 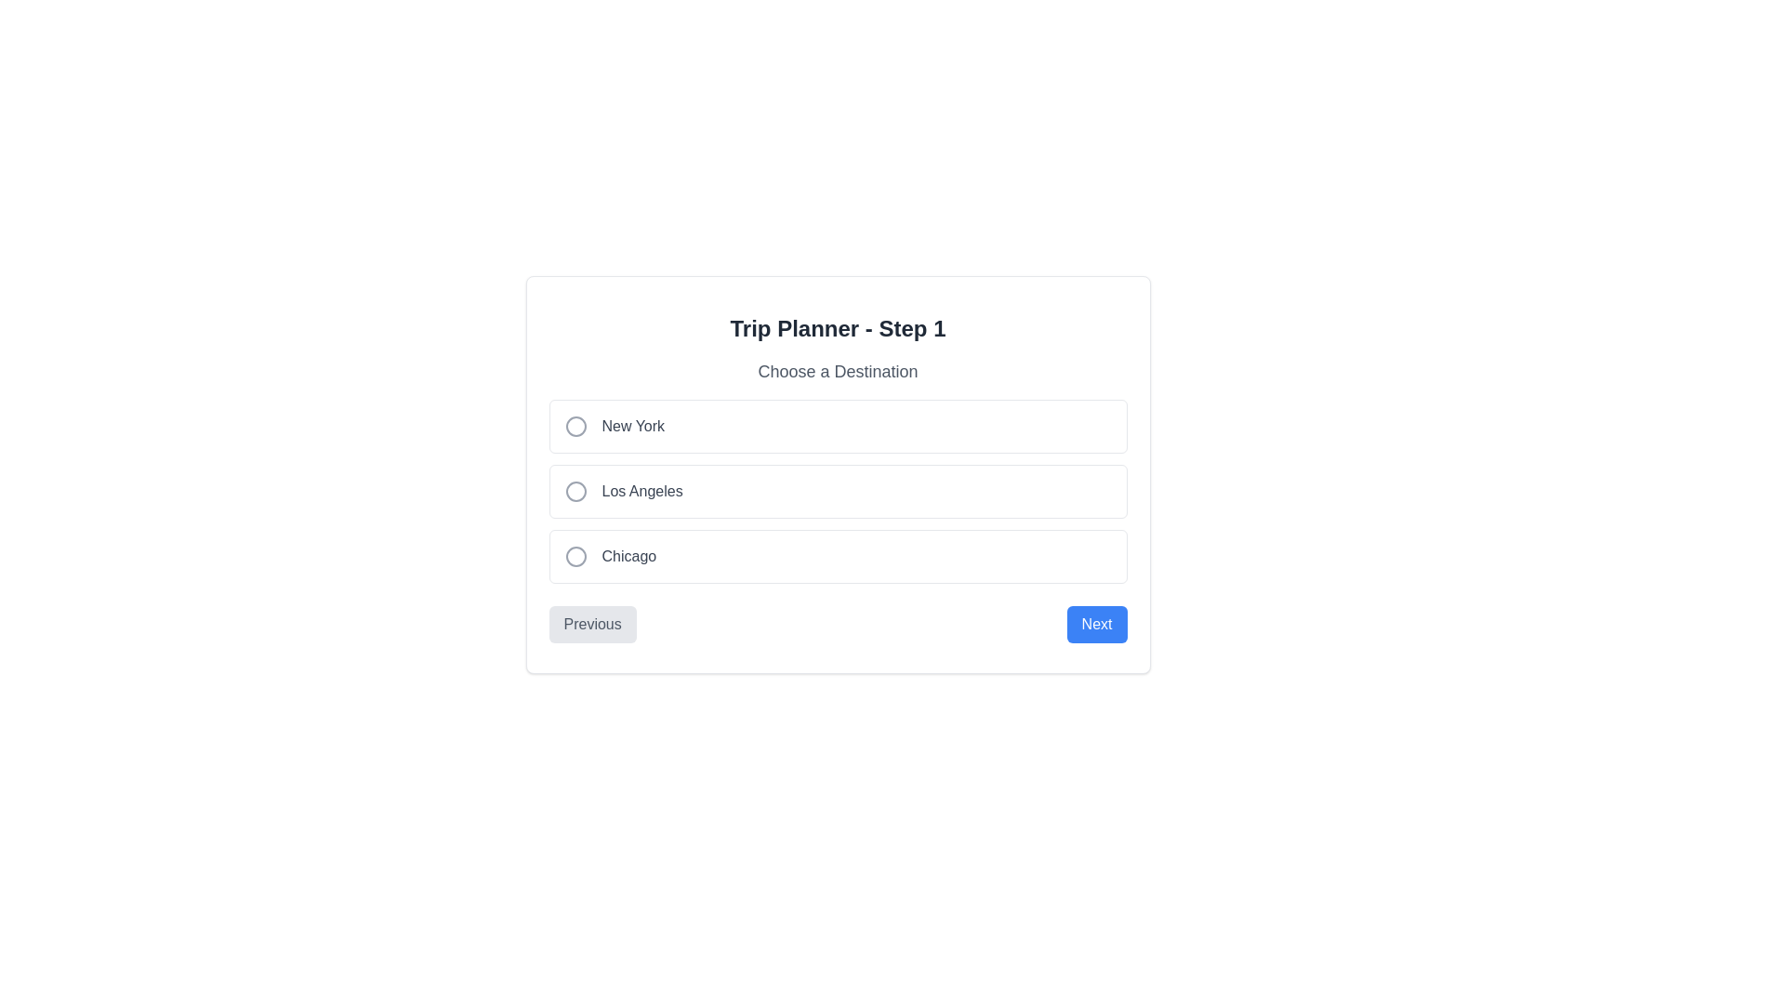 What do you see at coordinates (837, 490) in the screenshot?
I see `the 'Los Angeles' radio button option` at bounding box center [837, 490].